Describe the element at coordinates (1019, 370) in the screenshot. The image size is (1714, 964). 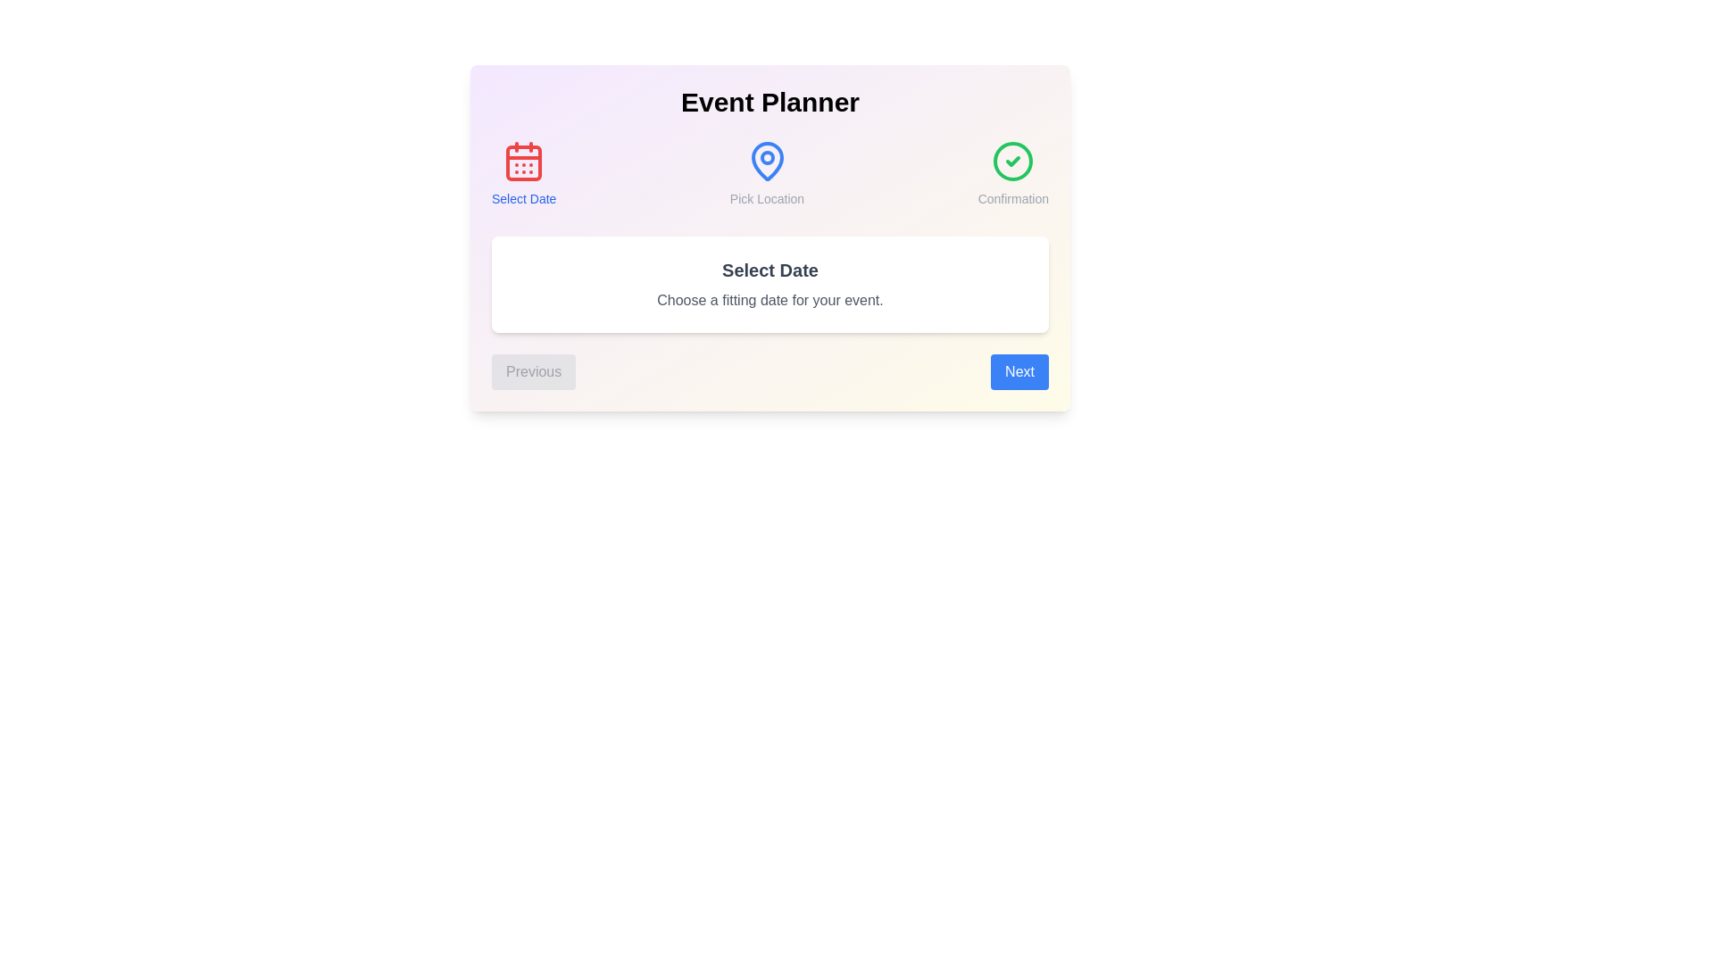
I see `the 'Next' button to proceed to the next step` at that location.